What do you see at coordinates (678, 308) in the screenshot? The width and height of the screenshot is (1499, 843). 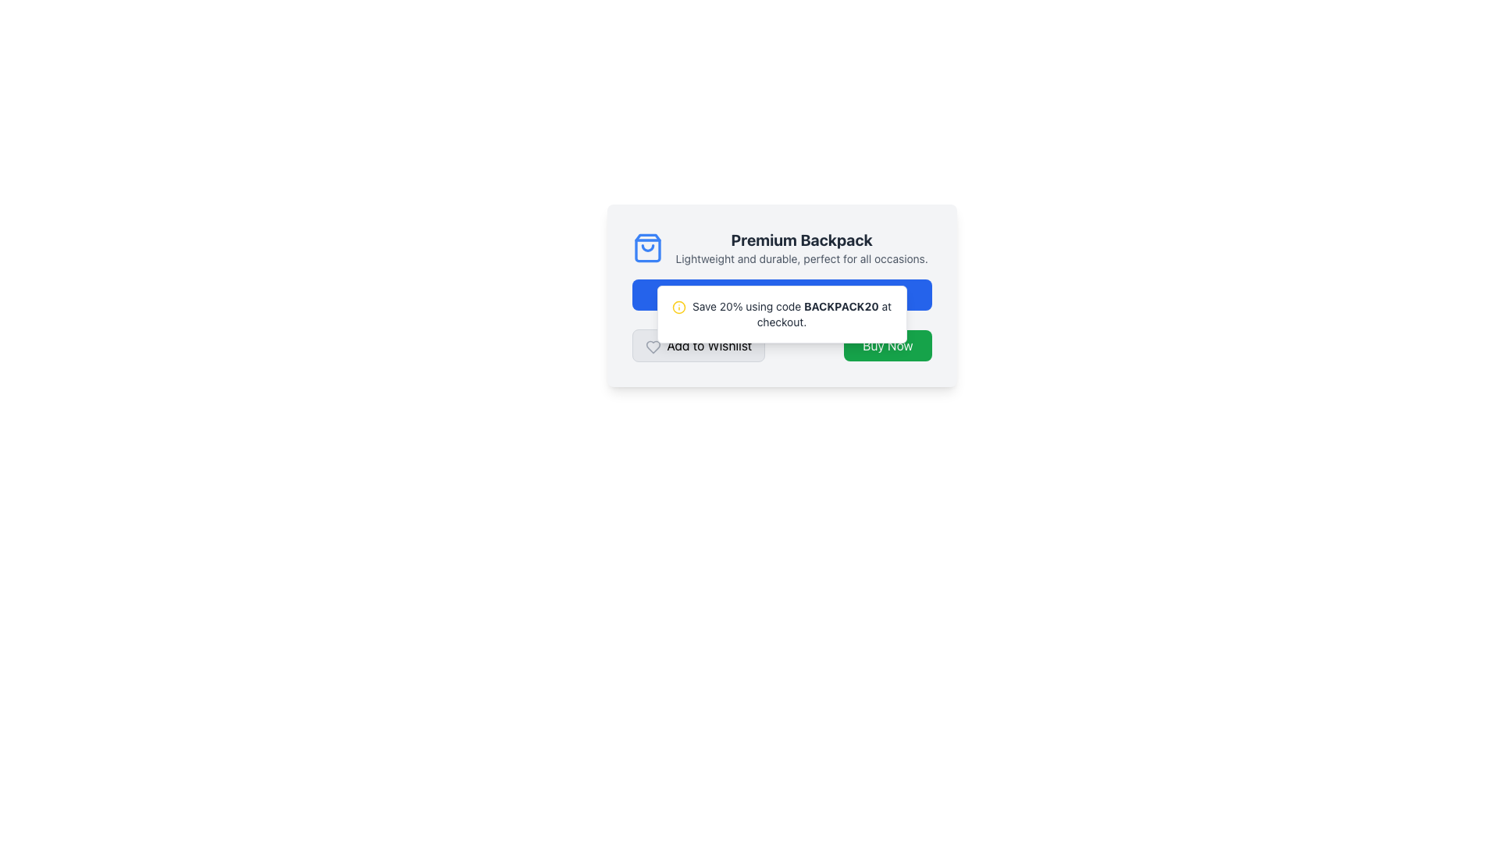 I see `the yellow circular info icon located immediately to the left of the text 'Save 20% using code BACKPACK20 at checkout.'` at bounding box center [678, 308].